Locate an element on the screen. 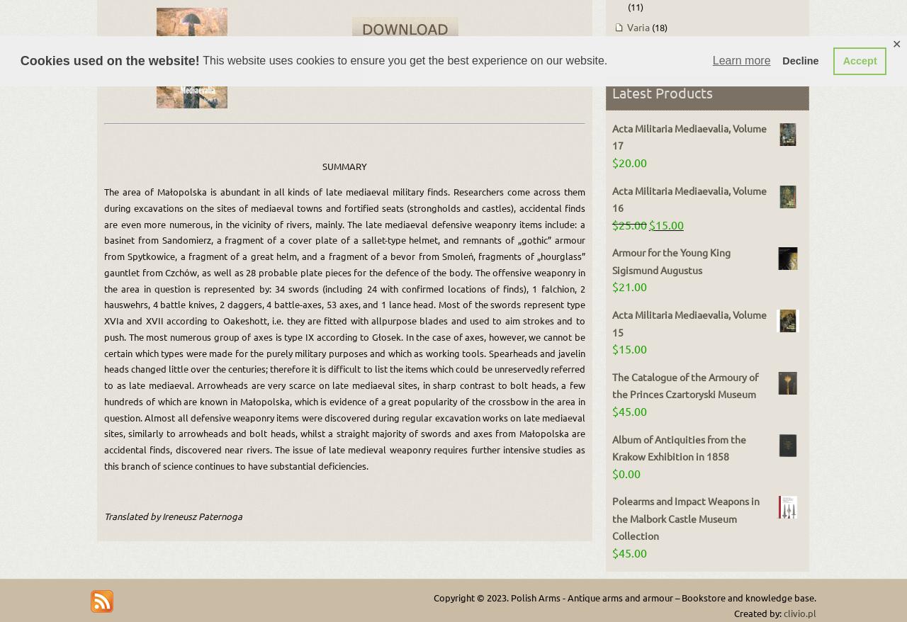  '(18)' is located at coordinates (658, 26).